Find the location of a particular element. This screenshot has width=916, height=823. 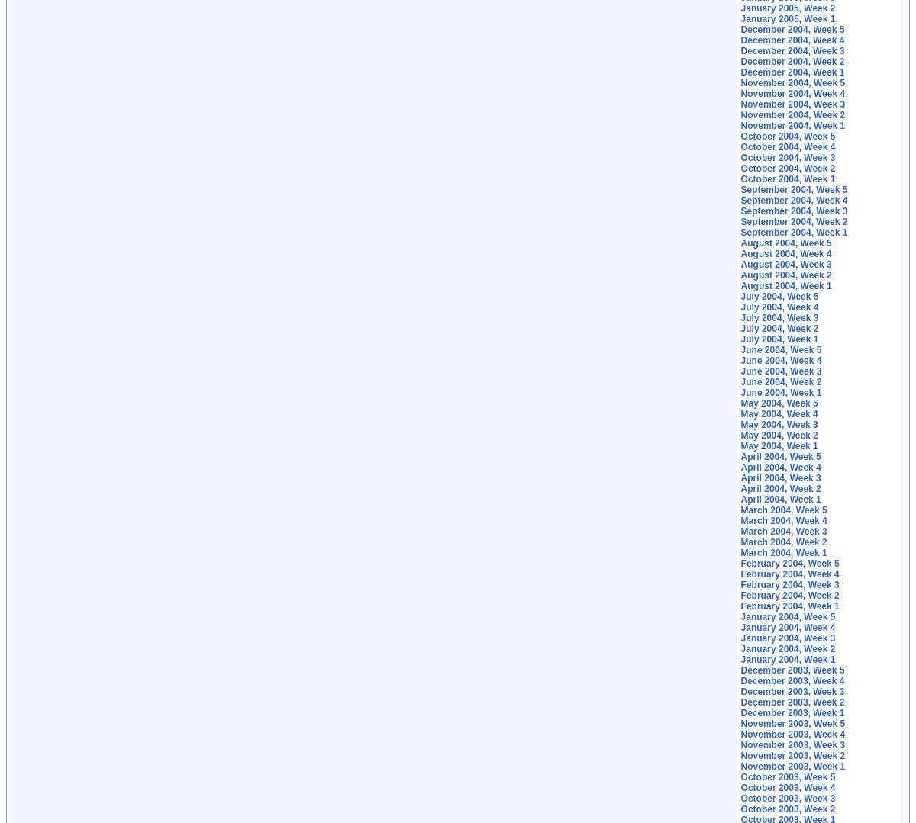

'October 2003, Week 4' is located at coordinates (740, 788).